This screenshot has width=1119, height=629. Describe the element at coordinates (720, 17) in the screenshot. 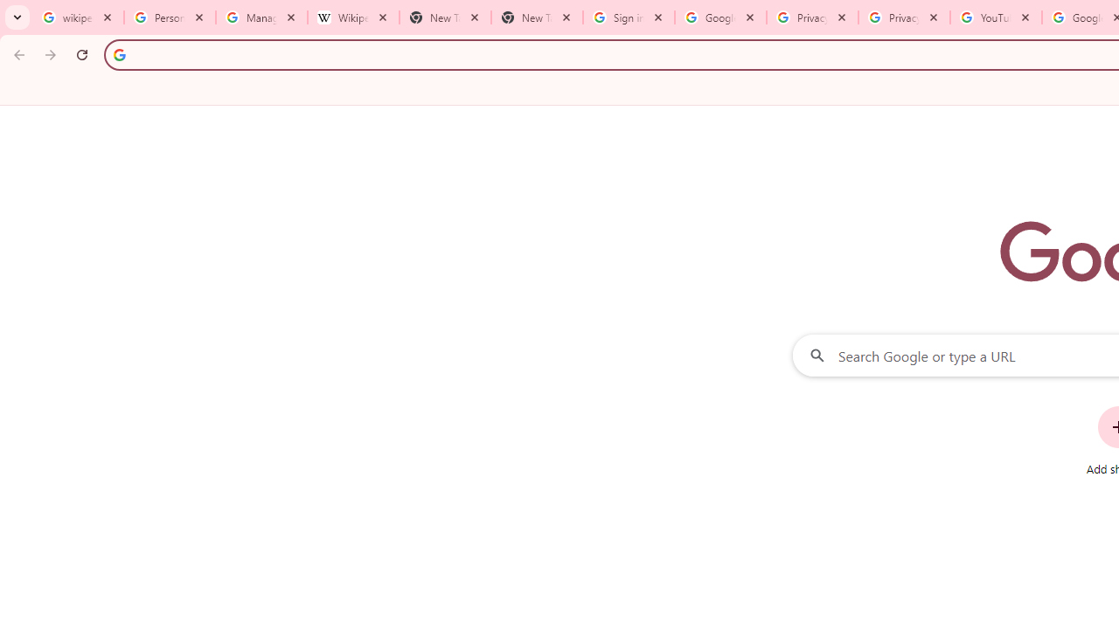

I see `'Google Drive: Sign-in'` at that location.